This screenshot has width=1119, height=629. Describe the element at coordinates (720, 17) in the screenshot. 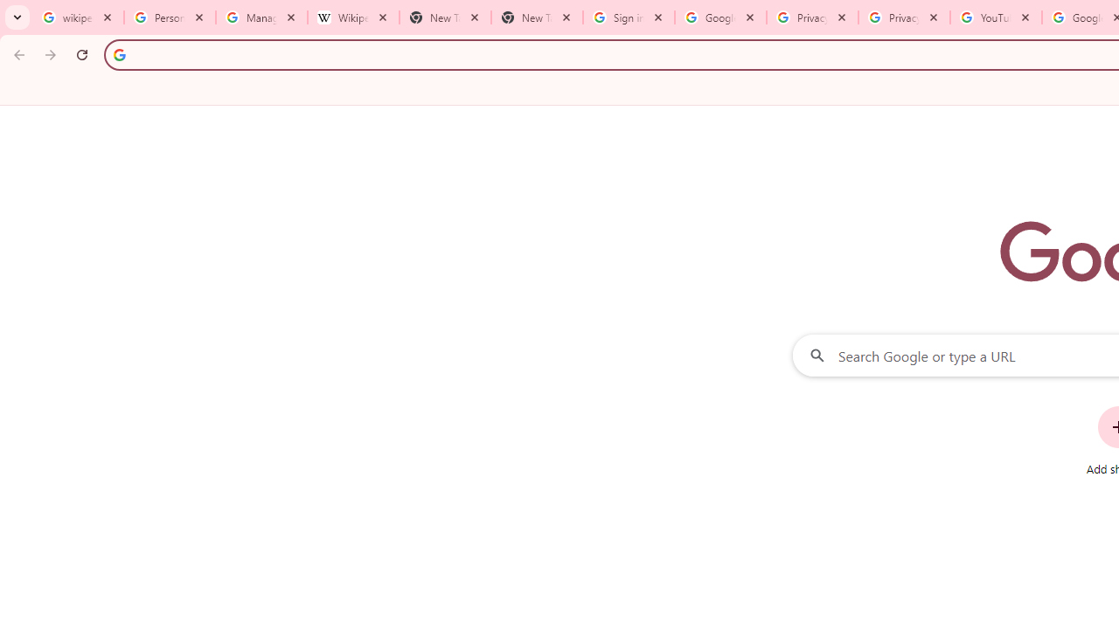

I see `'Google Drive: Sign-in'` at that location.